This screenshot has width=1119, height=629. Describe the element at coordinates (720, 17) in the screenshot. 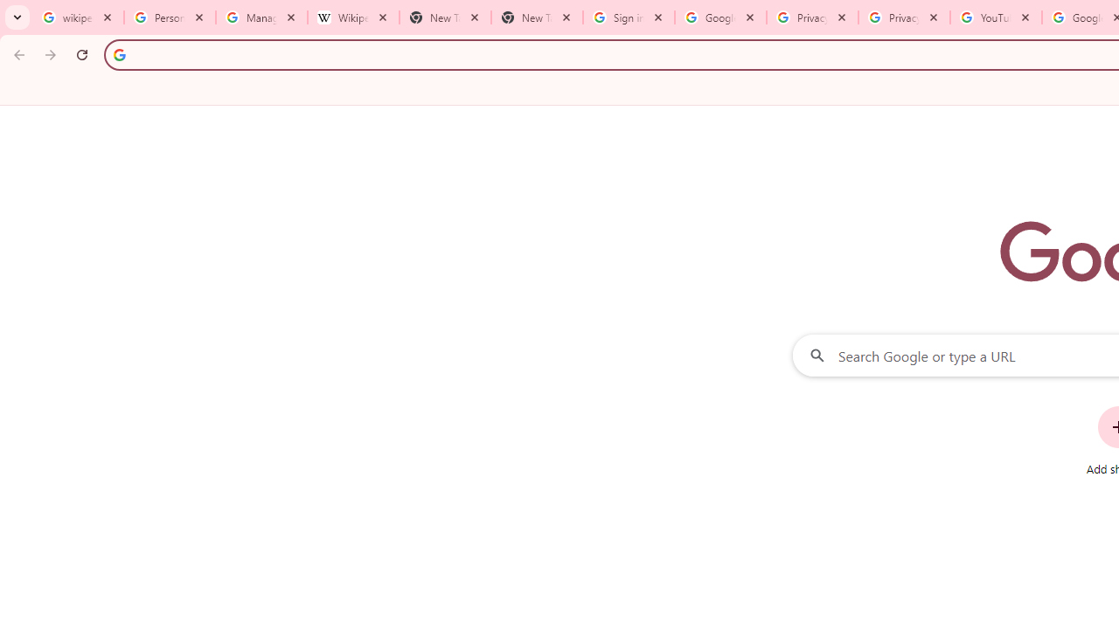

I see `'Google Drive: Sign-in'` at that location.